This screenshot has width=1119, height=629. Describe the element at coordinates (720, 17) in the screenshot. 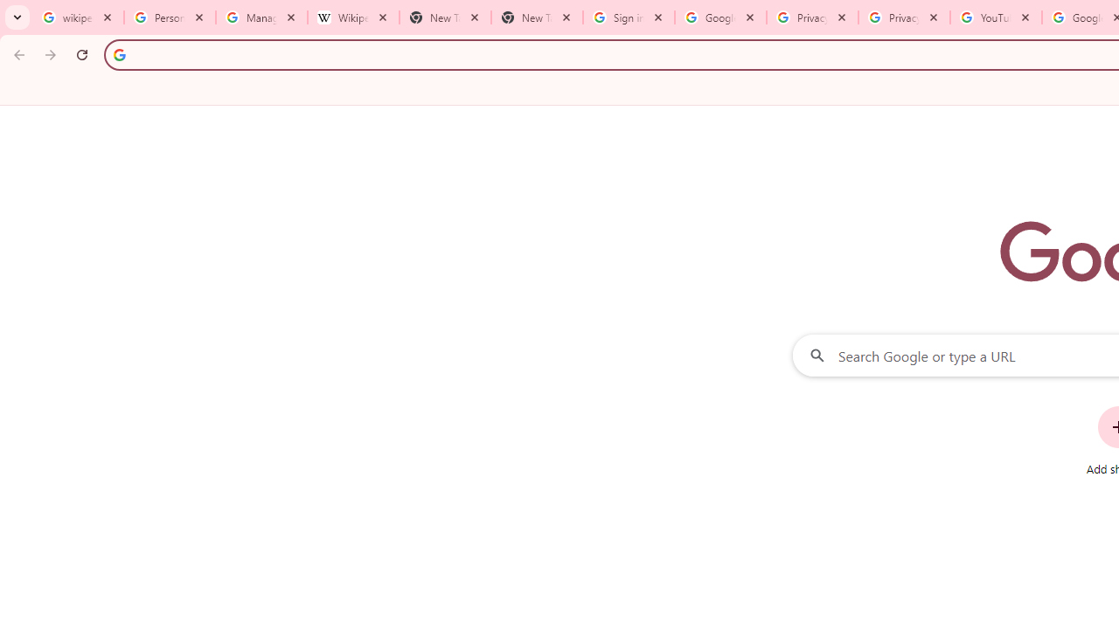

I see `'Google Drive: Sign-in'` at that location.